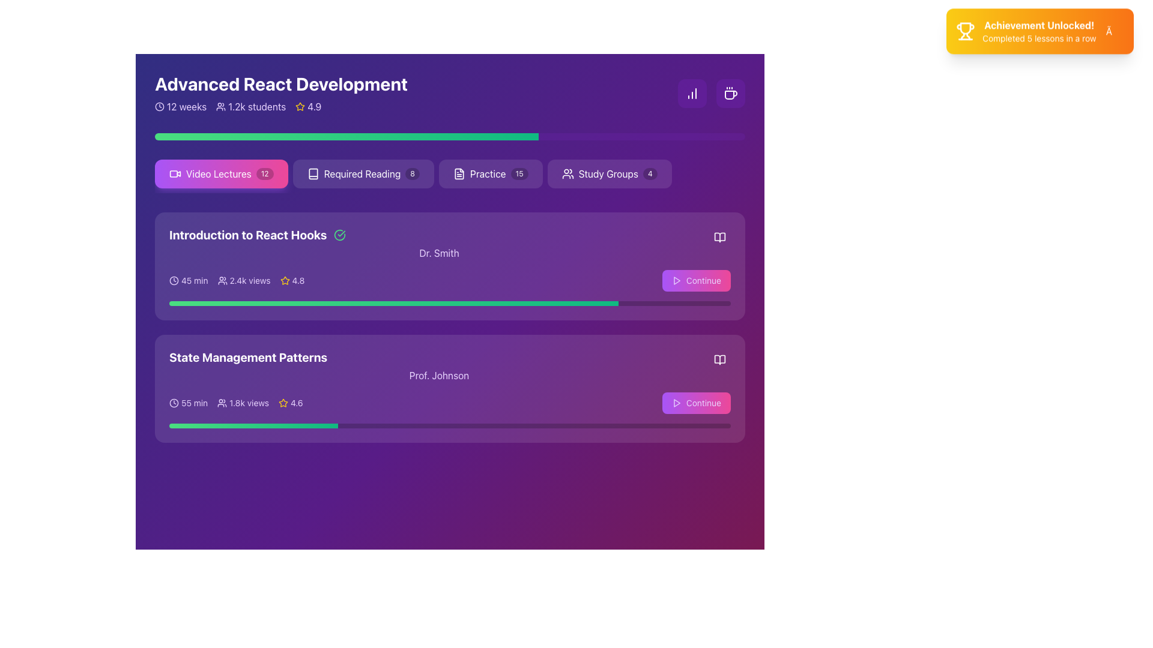  I want to click on the yellow star icon representing a rating in the 'Advanced React Development' section, so click(284, 280).